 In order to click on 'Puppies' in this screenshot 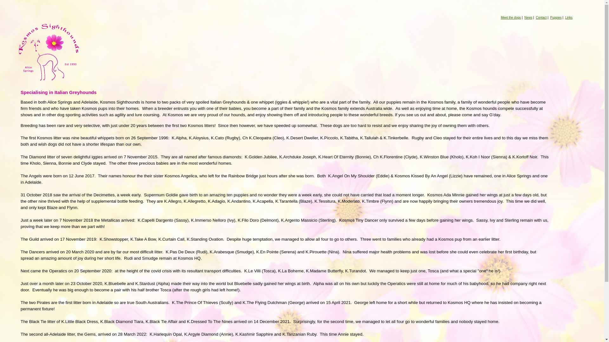, I will do `click(555, 17)`.